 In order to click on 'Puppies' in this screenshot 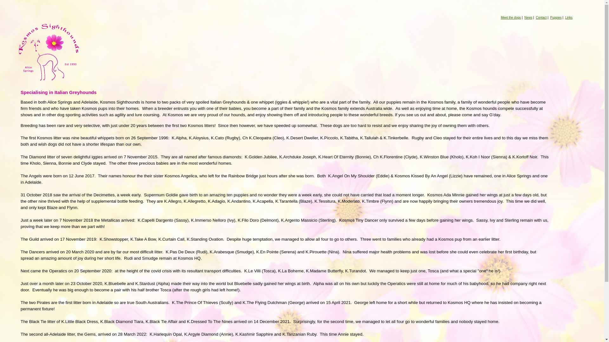, I will do `click(555, 17)`.